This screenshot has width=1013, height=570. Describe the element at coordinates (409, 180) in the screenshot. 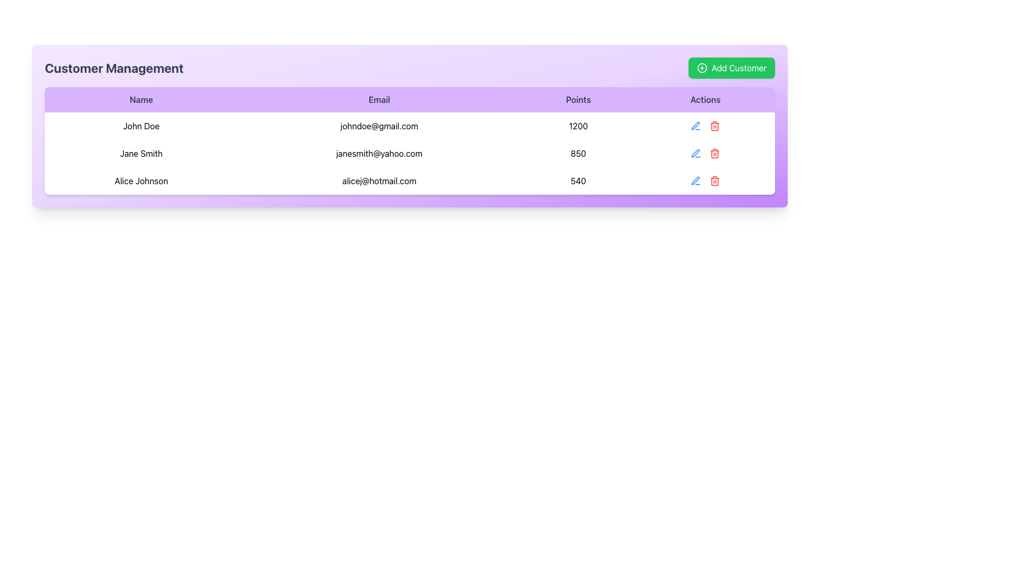

I see `the third row of the user details table, which contains 'Alice Johnson', 'alicej@hotmail.com', '540' points, and action icons for editing and deleting` at that location.